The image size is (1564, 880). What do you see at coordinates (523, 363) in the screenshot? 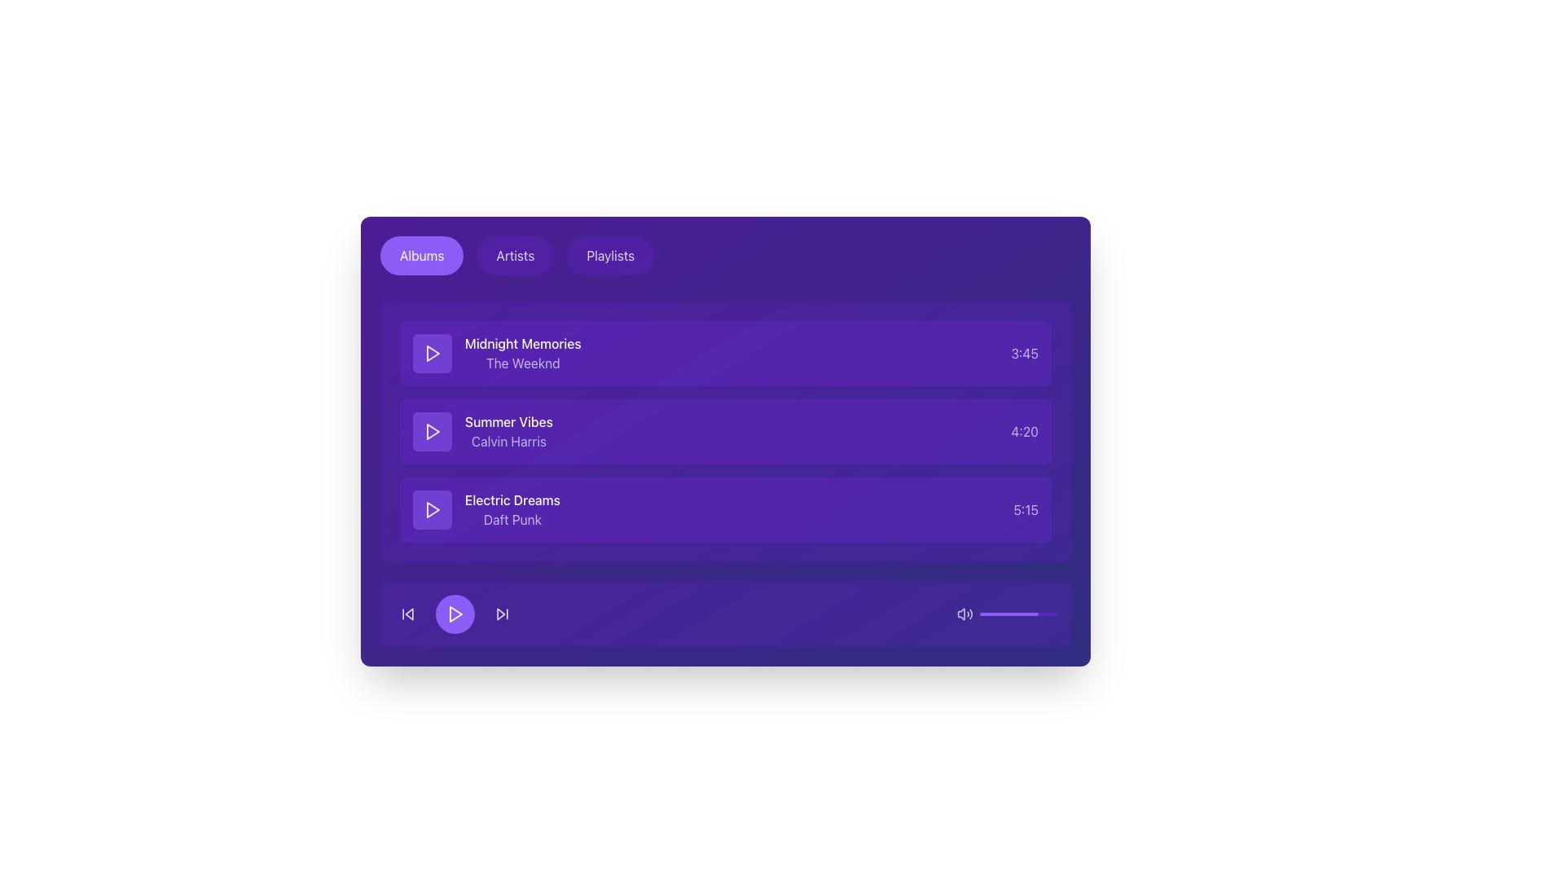
I see `the text label displaying 'The Weeknd' in violet shade, located beneath the label 'Midnight Memories' in the track listing interface` at bounding box center [523, 363].